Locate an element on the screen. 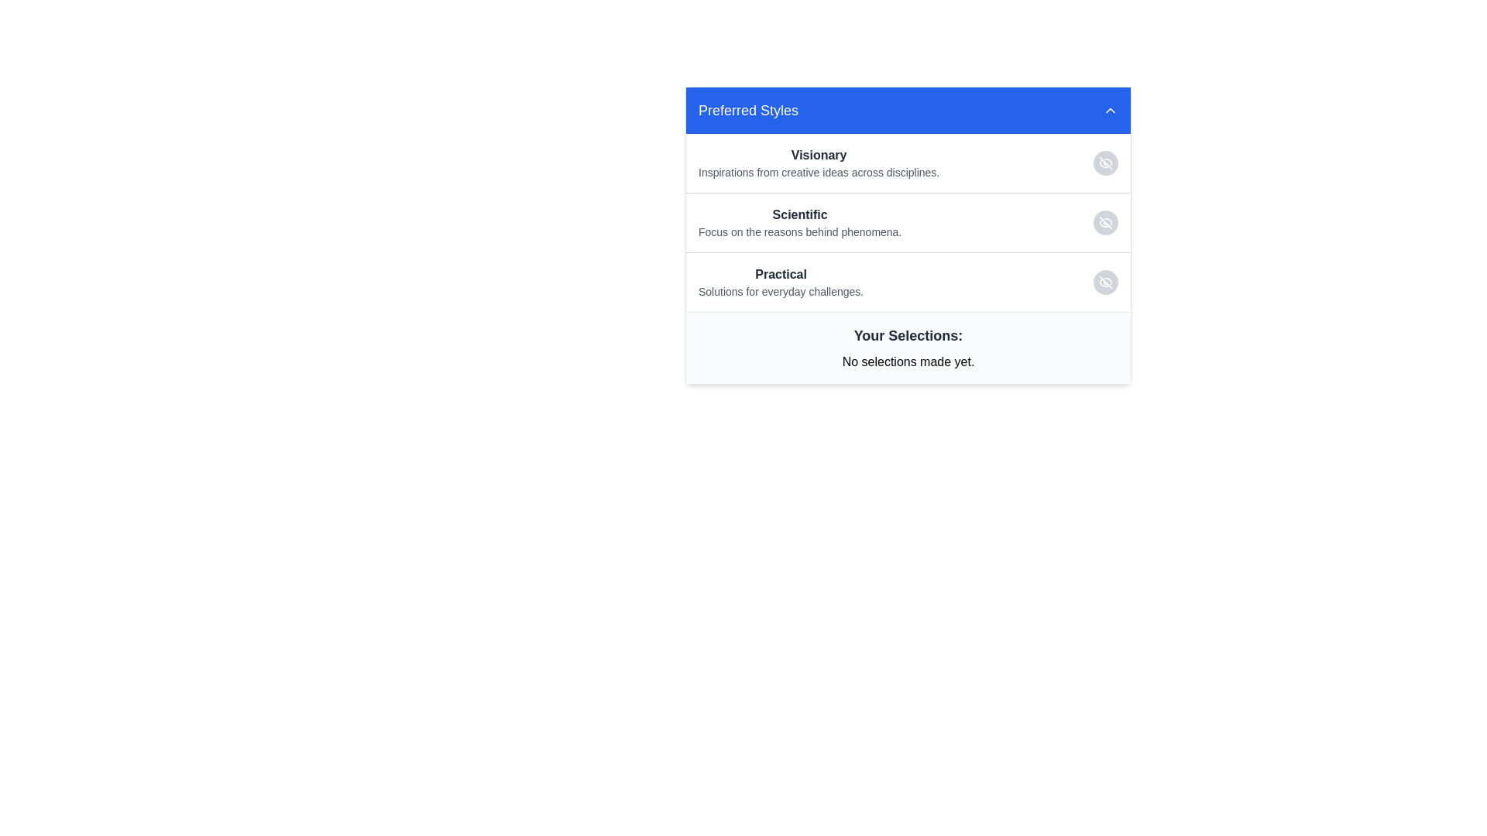  the text block that describes the 'Practical' option, which is the third item in the vertical list under 'Preferred Styles.' is located at coordinates (781, 283).